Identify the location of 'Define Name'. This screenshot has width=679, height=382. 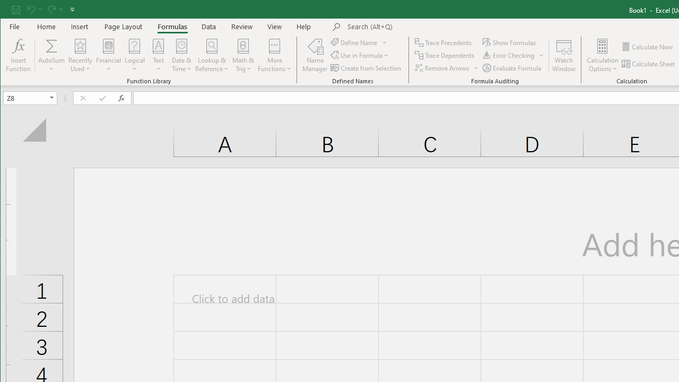
(359, 42).